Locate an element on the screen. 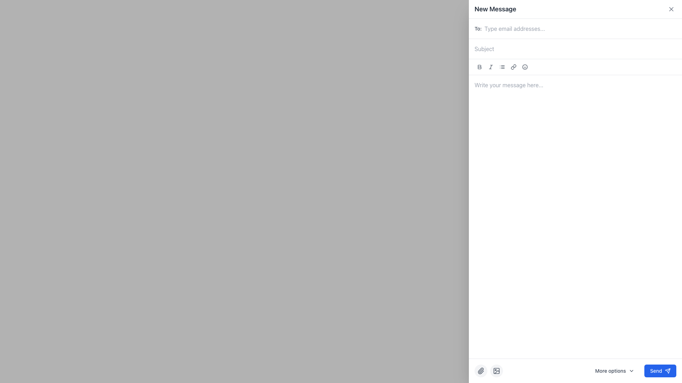 The height and width of the screenshot is (383, 682). the 'More options' button located in the bottom right corner of the interface, styled with gray text and a downward-pointing chevron icon is located at coordinates (614, 370).